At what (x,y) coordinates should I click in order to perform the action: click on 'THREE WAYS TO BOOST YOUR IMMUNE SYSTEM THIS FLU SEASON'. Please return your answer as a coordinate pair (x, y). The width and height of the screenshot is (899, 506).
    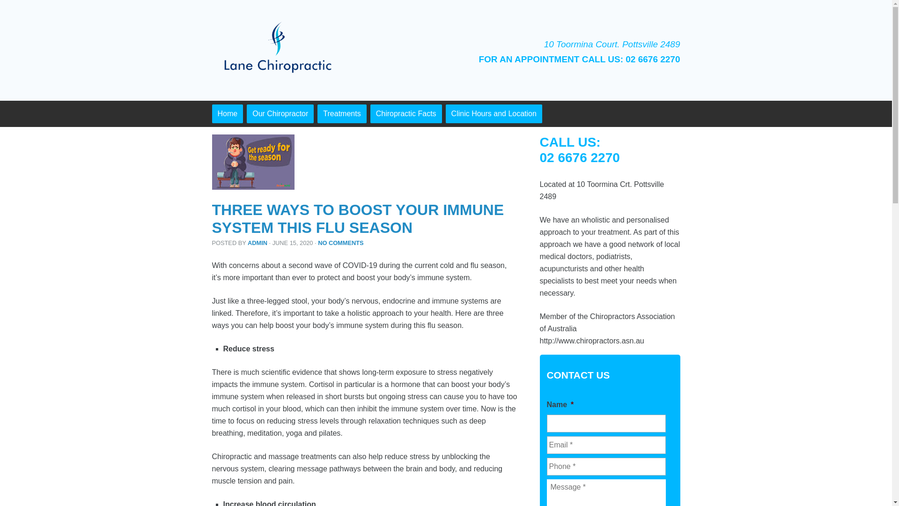
    Looking at the image, I should click on (357, 218).